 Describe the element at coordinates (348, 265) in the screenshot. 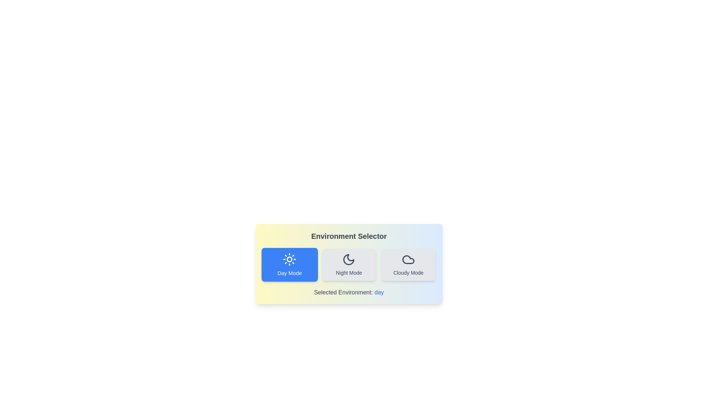

I see `the Night Mode element to observe visual feedback` at that location.